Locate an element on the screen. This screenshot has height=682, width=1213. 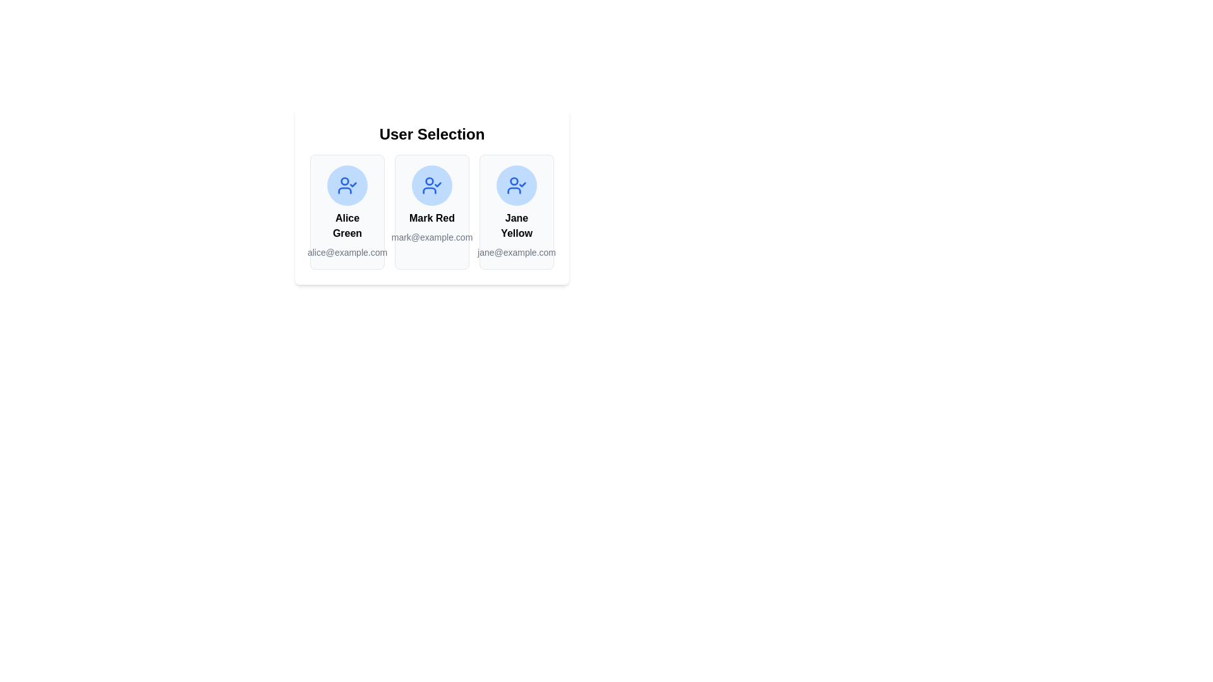
the blue user outline icon with a checkmark inside the circular button on the 'Jane Yellow' user card, which is the third card in the horizontal list of user cards is located at coordinates (516, 185).